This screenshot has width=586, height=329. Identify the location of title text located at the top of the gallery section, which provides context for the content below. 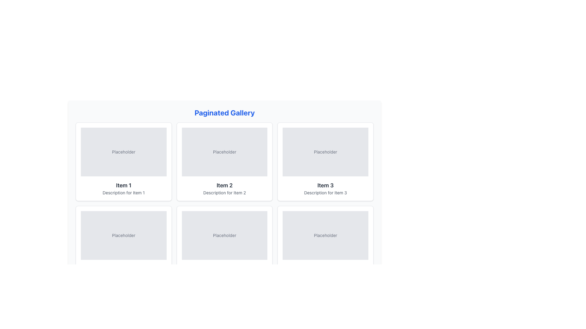
(224, 113).